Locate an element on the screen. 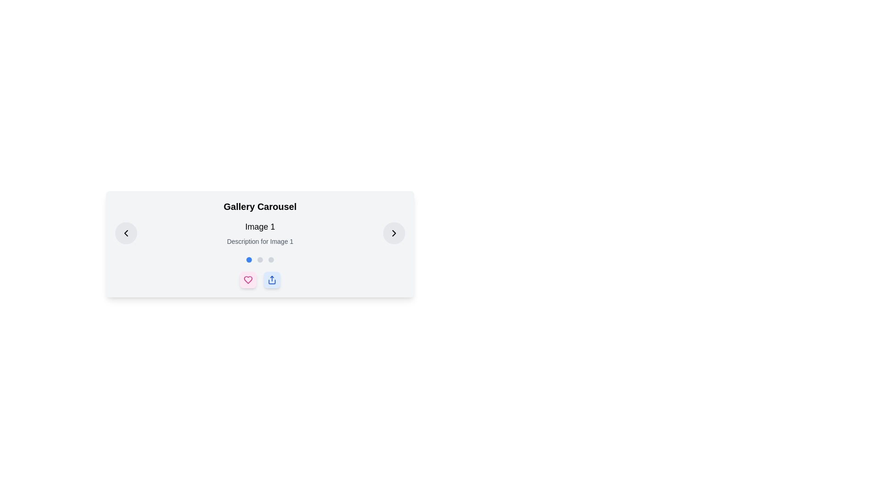 The height and width of the screenshot is (495, 881). the carousel indicator dot located at the lower center of the white card titled 'Gallery Carousel', below the text 'Description for Image 1' is located at coordinates (259, 260).